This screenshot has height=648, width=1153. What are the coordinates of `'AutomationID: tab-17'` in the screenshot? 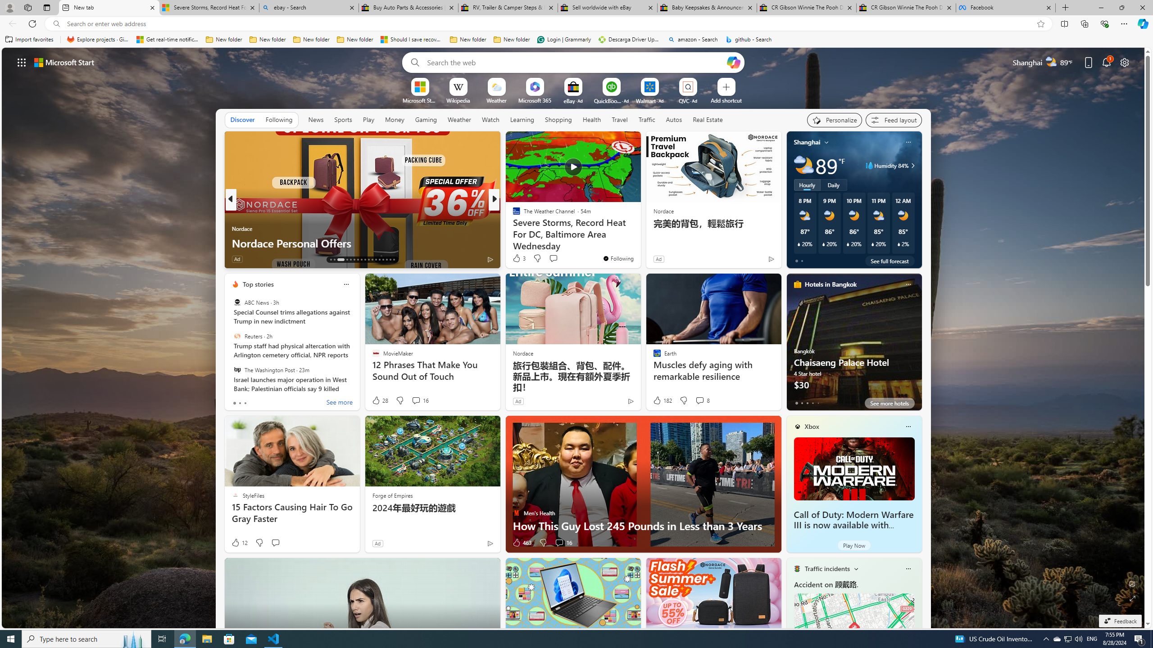 It's located at (350, 260).